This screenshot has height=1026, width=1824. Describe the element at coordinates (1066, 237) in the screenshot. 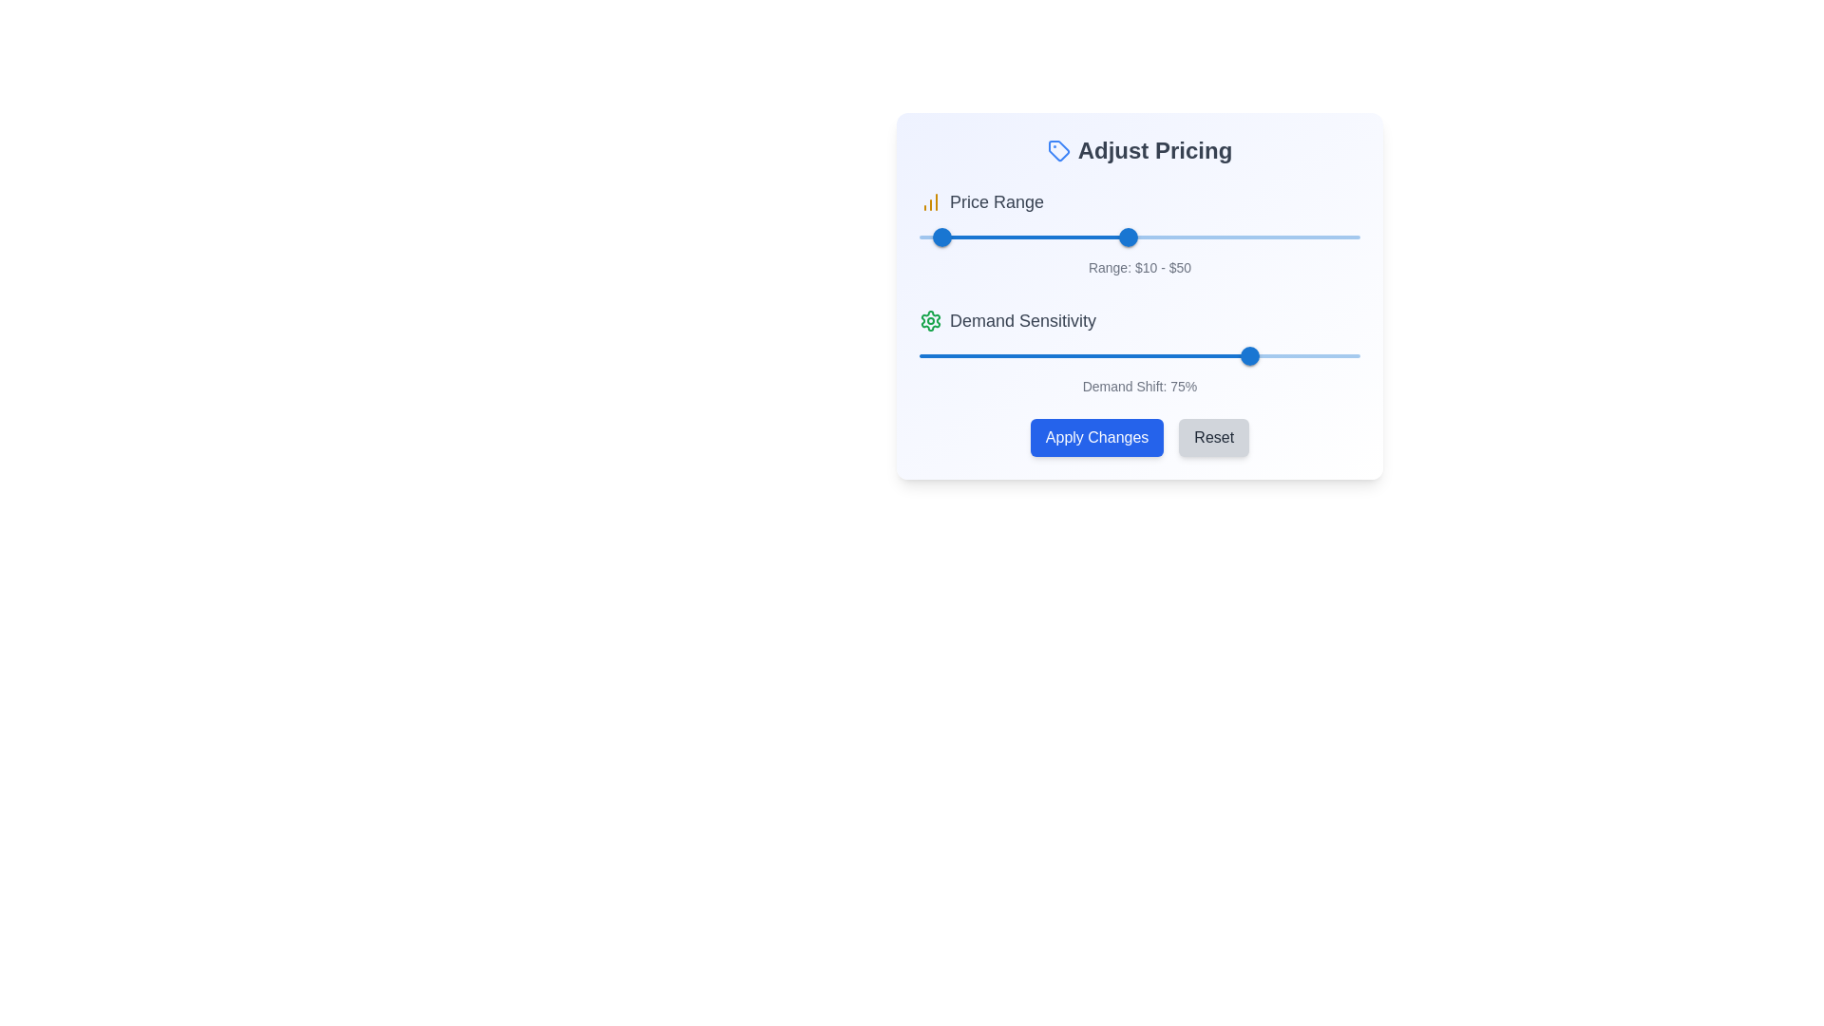

I see `the Price Range slider` at that location.